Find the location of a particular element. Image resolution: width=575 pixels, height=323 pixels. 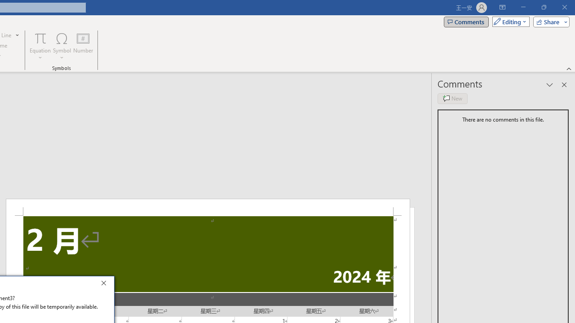

'Minimize' is located at coordinates (523, 7).